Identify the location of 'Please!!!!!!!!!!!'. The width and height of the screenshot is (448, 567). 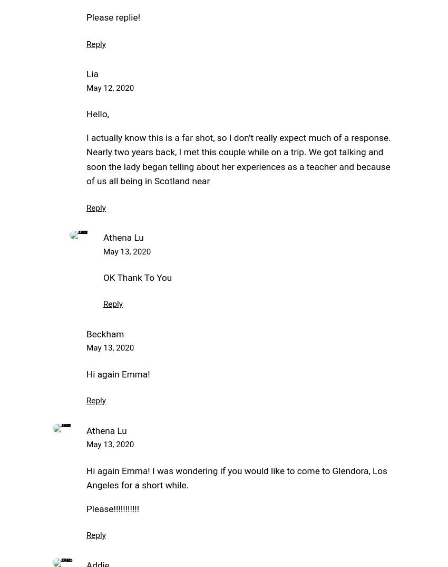
(113, 508).